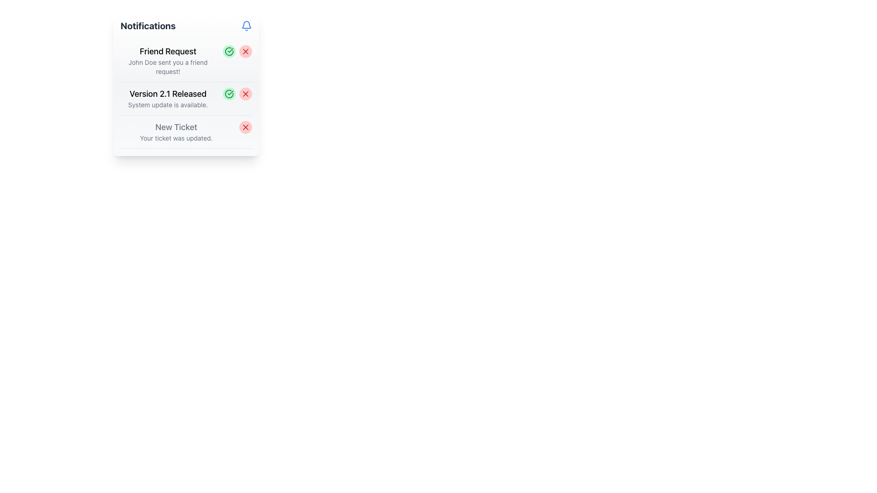  What do you see at coordinates (186, 99) in the screenshot?
I see `the Notification item located in the second row under 'Notifications', which informs about a system update availability with version details` at bounding box center [186, 99].